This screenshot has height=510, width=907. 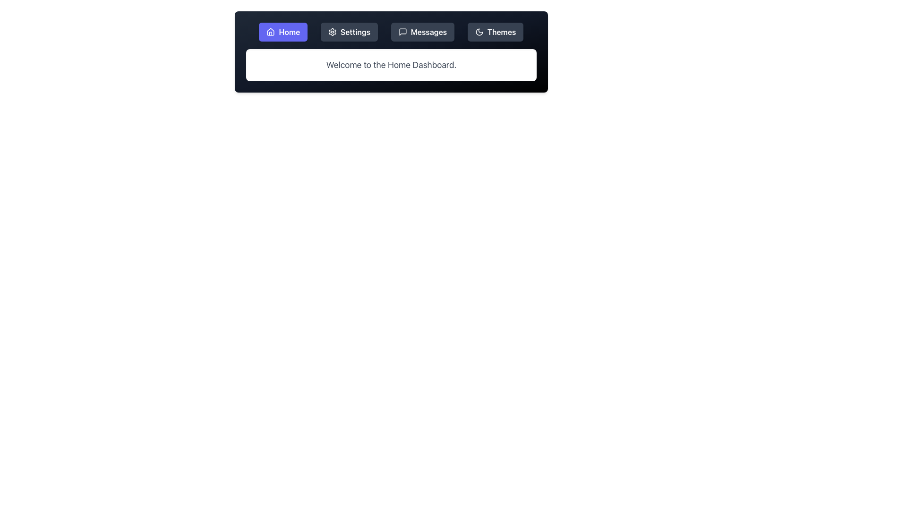 I want to click on the night mode toggle icon located in the top menu, adjacent to the 'Home' button and before the 'Messages' option, so click(x=479, y=32).